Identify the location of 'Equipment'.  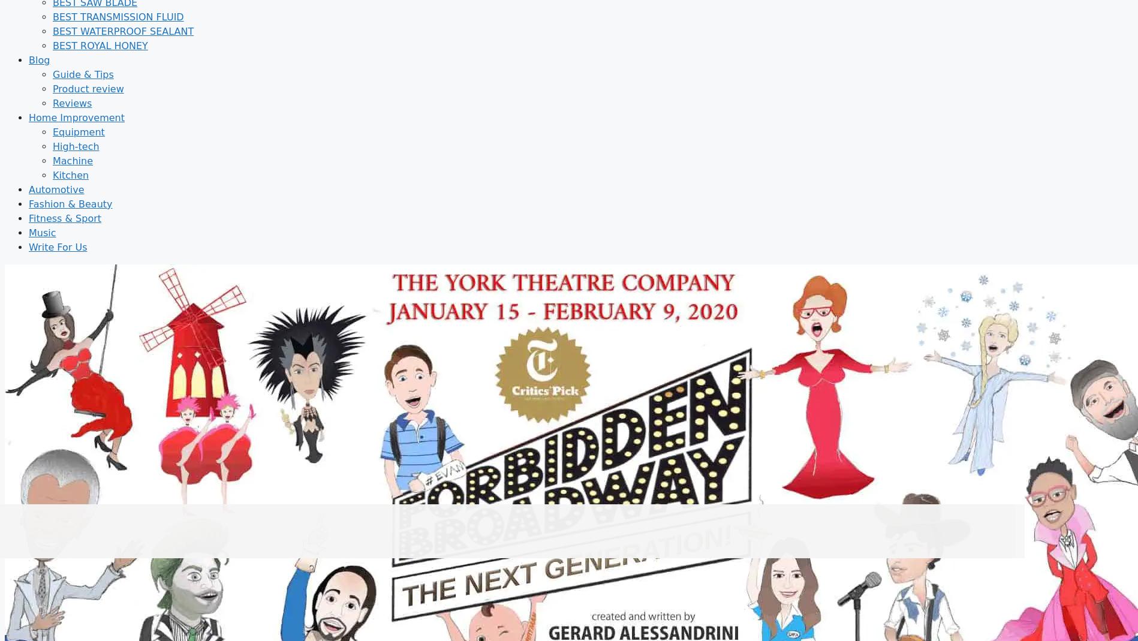
(78, 131).